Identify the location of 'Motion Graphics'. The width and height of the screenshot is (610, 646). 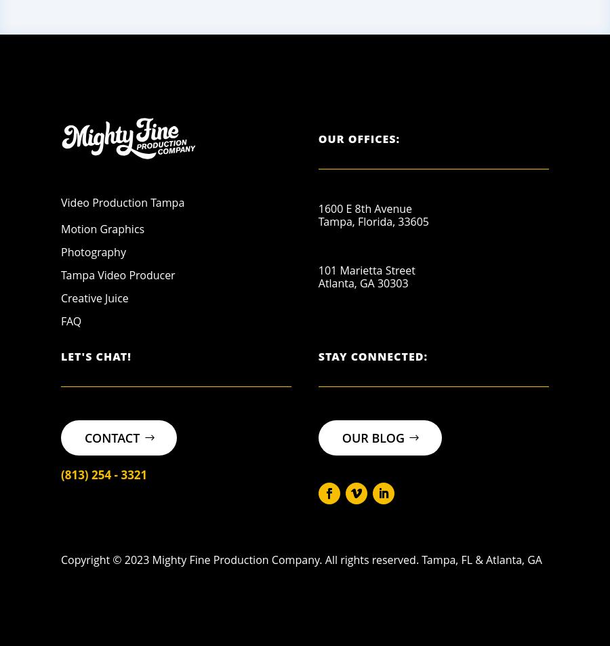
(102, 228).